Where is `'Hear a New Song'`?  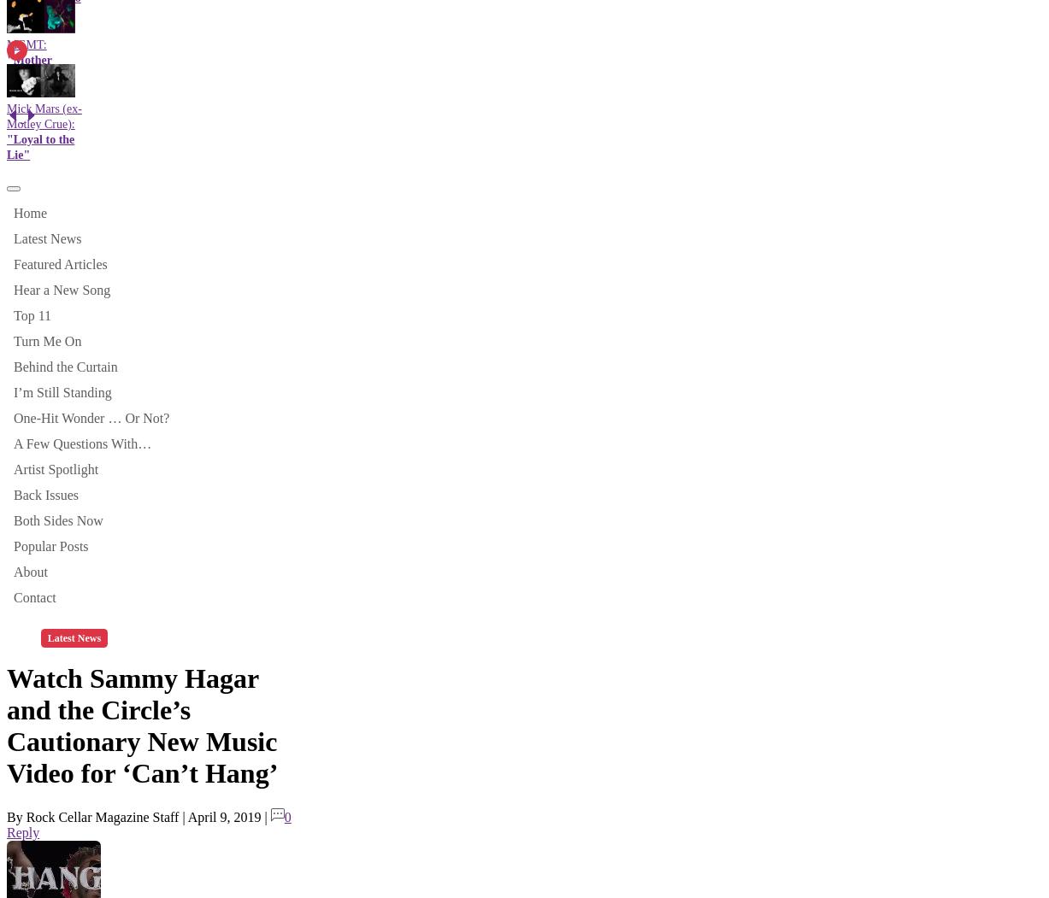
'Hear a New Song' is located at coordinates (13, 289).